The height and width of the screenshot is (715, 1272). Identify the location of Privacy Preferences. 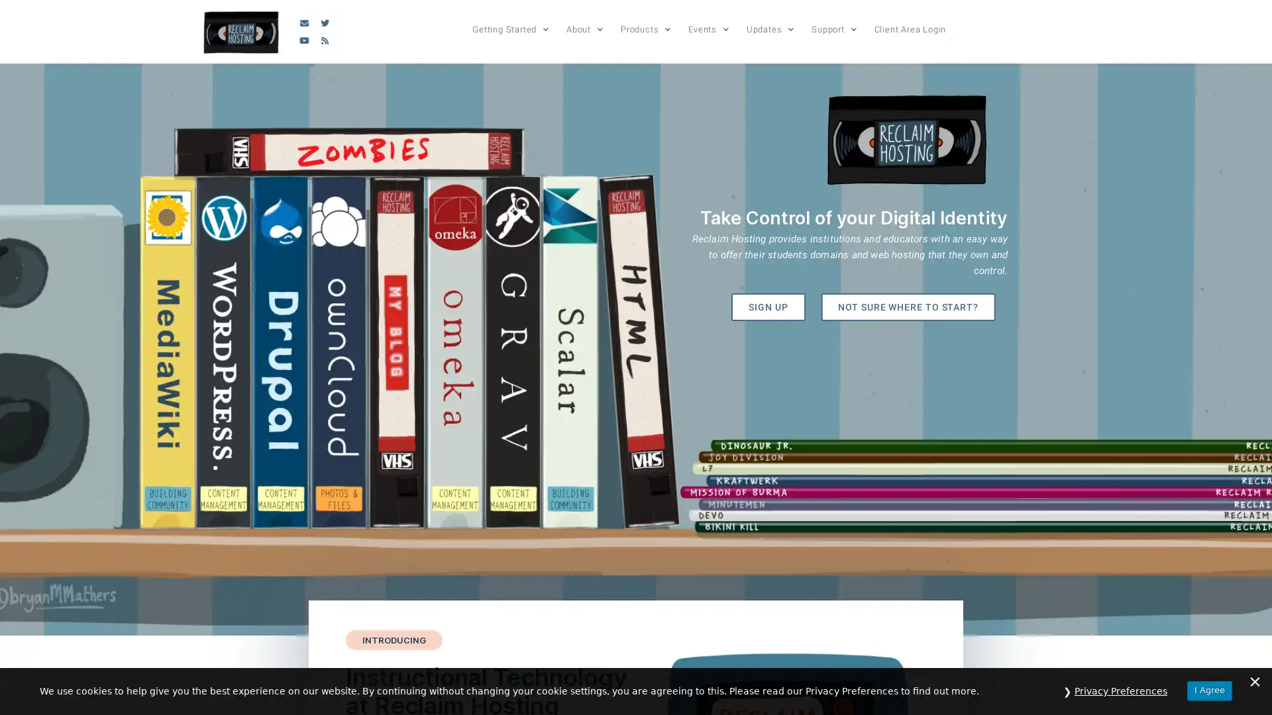
(1120, 691).